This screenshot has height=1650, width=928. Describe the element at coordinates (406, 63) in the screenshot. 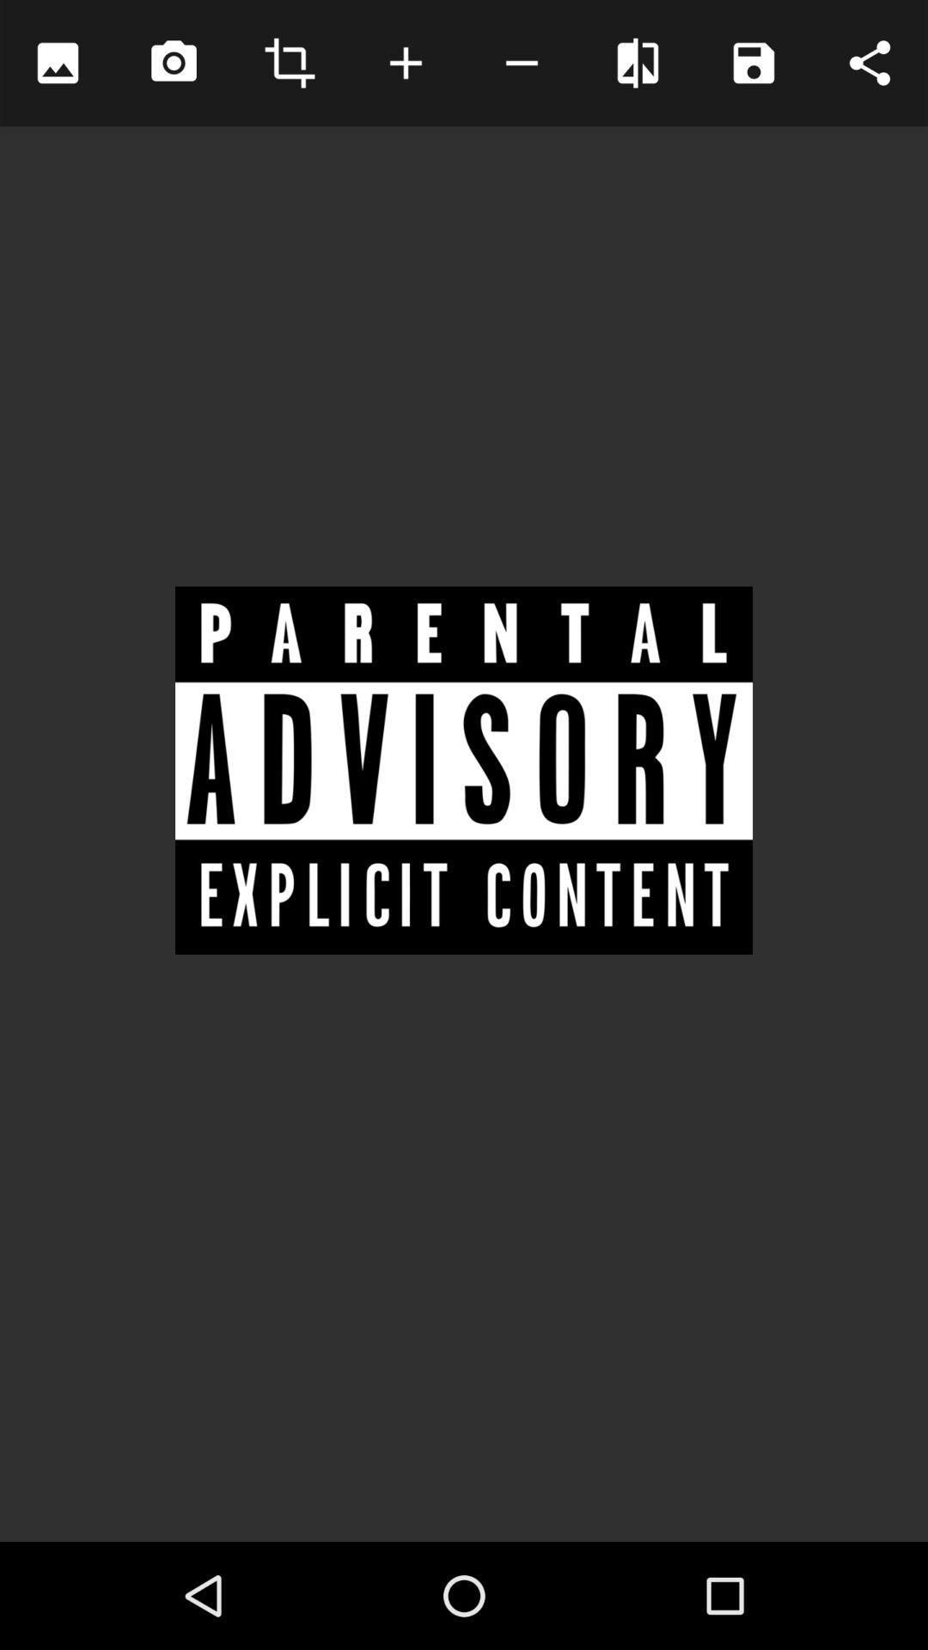

I see `the add icon` at that location.